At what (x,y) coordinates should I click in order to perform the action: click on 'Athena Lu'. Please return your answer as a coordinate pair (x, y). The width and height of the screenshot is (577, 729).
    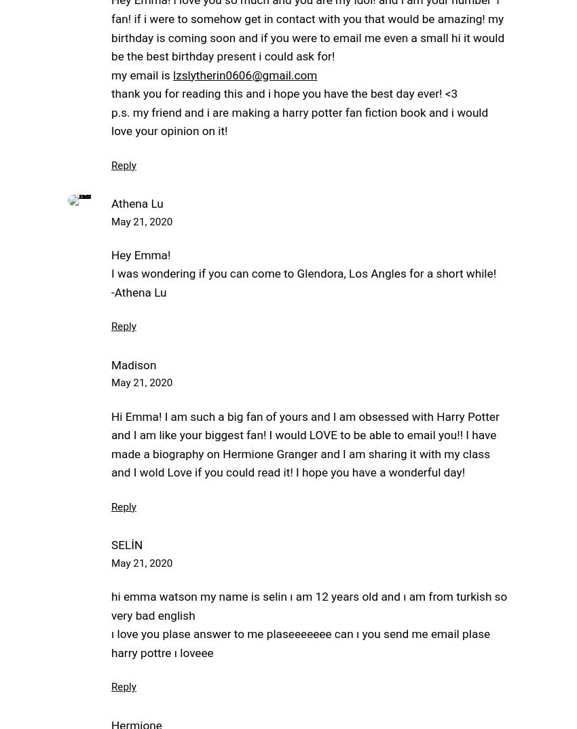
    Looking at the image, I should click on (136, 203).